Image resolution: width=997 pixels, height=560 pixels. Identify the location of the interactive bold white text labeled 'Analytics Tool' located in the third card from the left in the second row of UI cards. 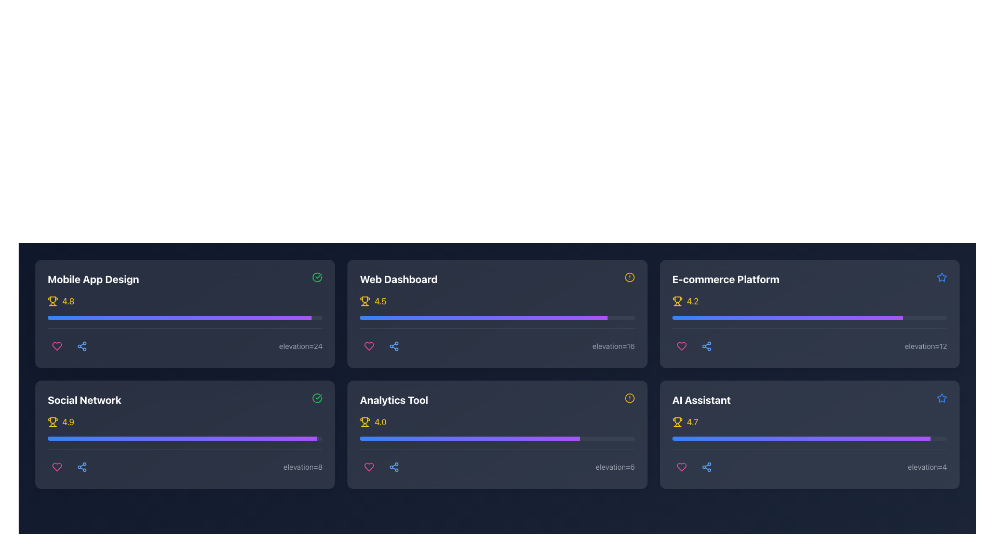
(393, 399).